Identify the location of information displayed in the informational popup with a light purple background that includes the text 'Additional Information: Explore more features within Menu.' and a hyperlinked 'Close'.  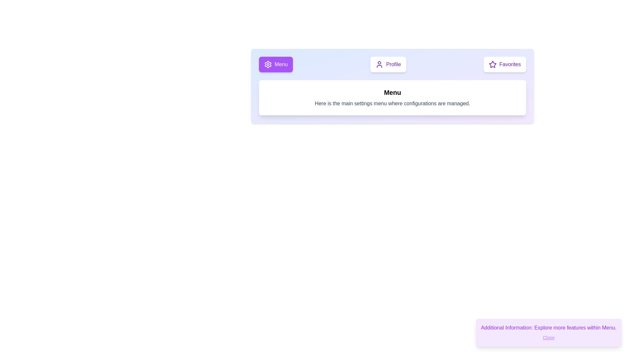
(549, 333).